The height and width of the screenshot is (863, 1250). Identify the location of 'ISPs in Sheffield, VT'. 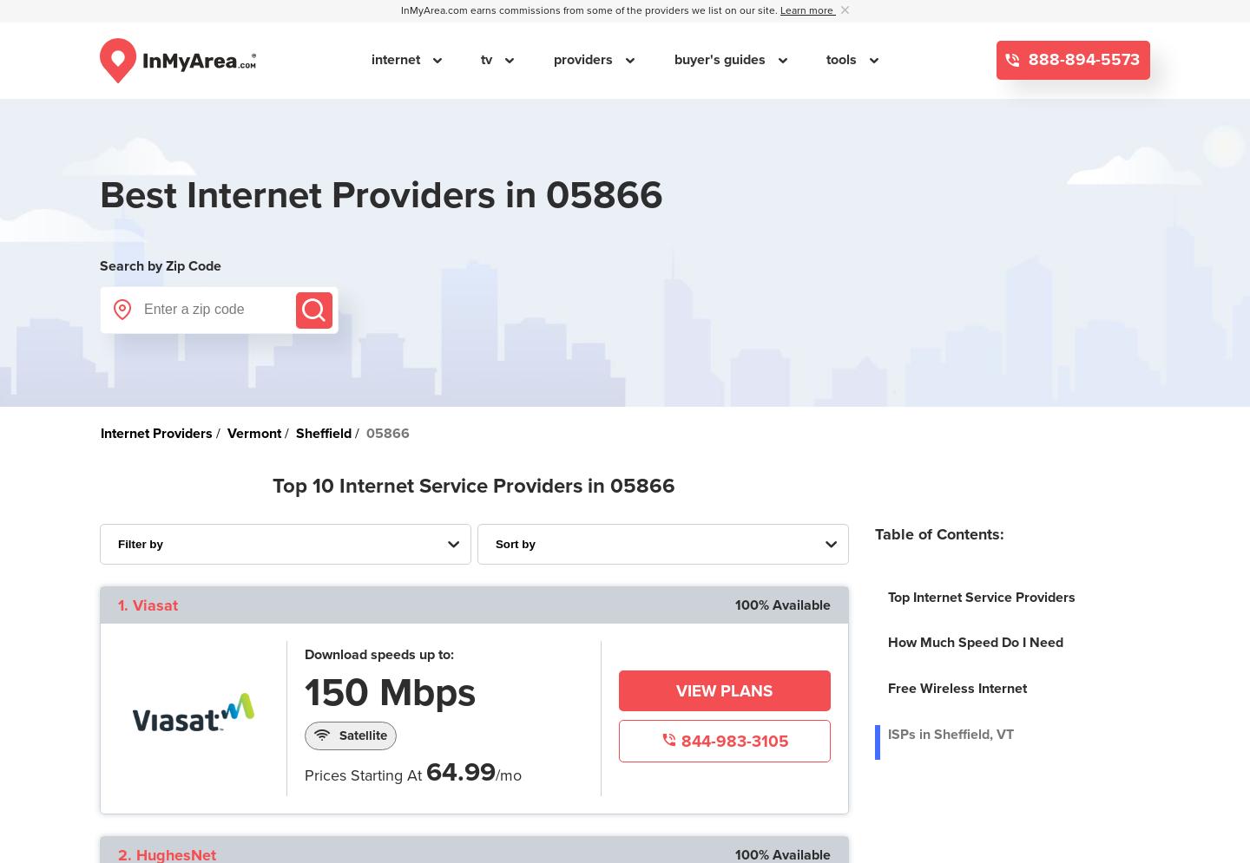
(949, 735).